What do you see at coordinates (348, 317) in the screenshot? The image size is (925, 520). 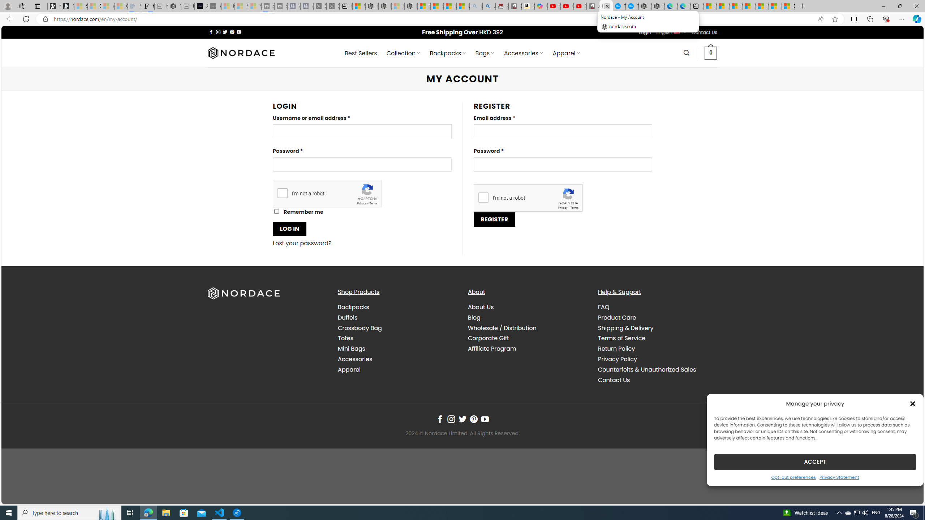 I see `'Duffels'` at bounding box center [348, 317].